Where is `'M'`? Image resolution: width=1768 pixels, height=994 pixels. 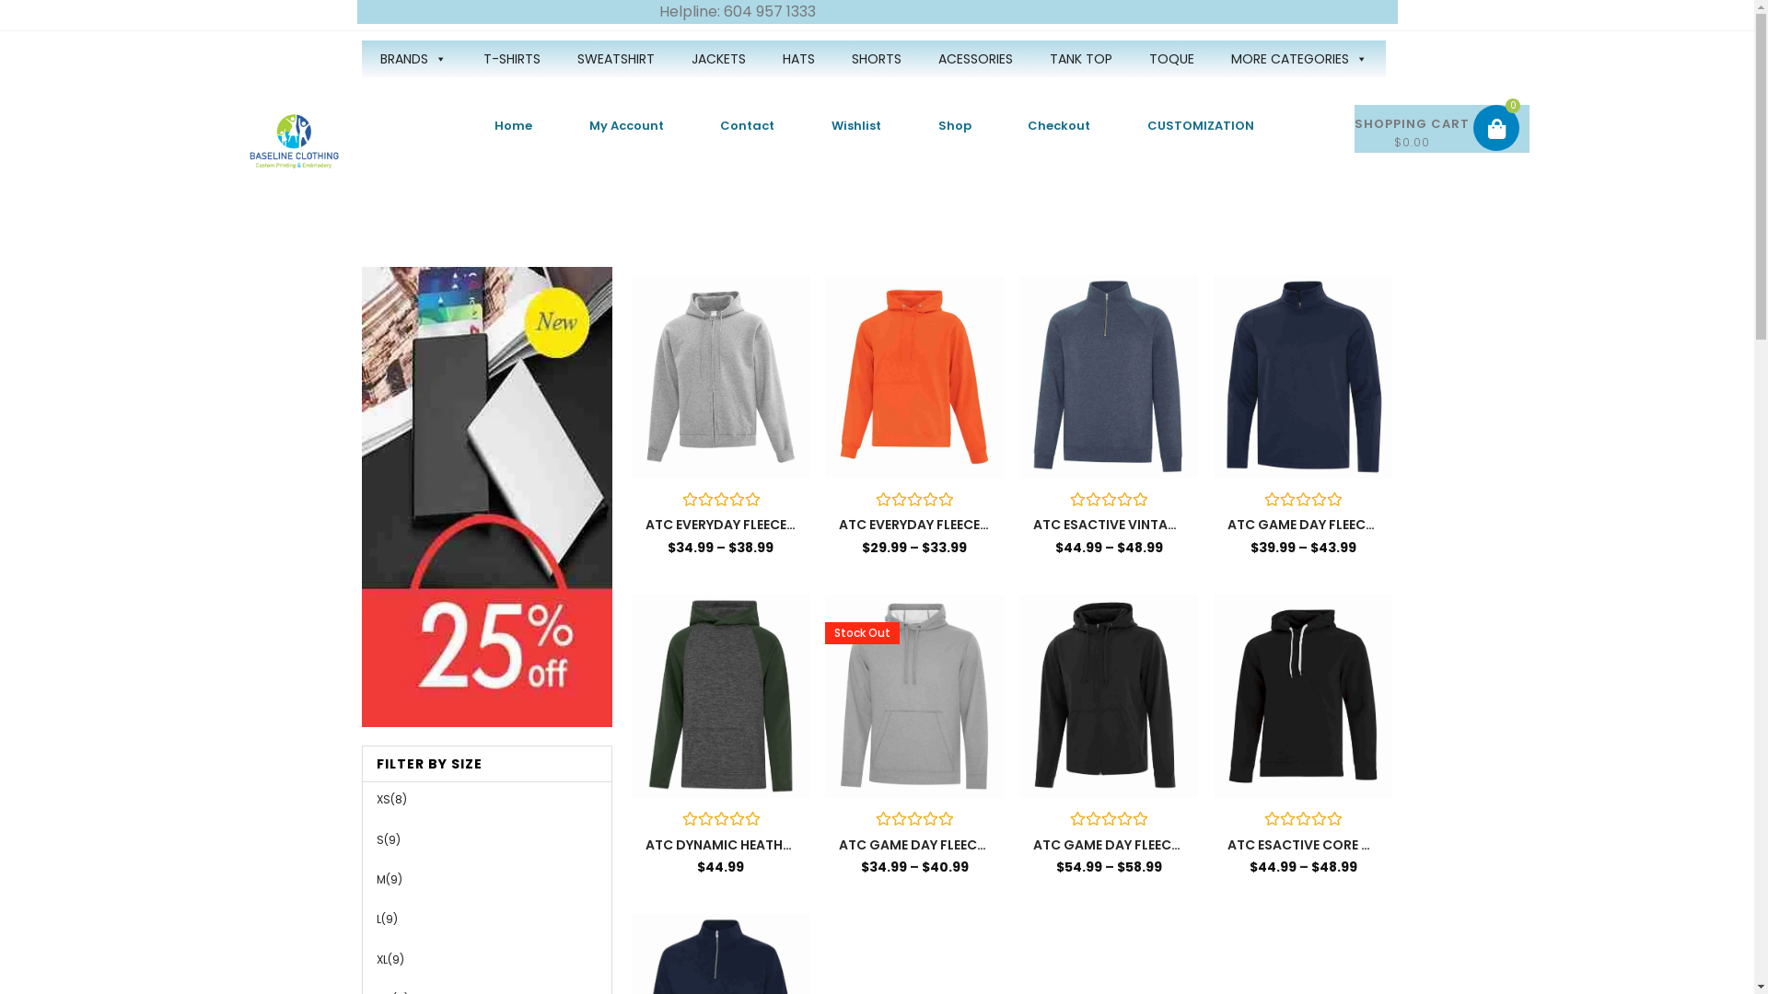
'M' is located at coordinates (378, 878).